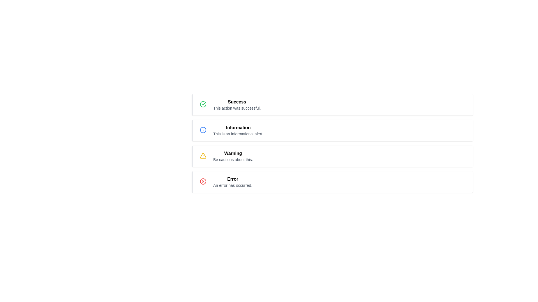 Image resolution: width=538 pixels, height=302 pixels. Describe the element at coordinates (237, 108) in the screenshot. I see `text label providing additional information about the 'Success' status, which is located below the bold 'Success' text in the first notification block` at that location.